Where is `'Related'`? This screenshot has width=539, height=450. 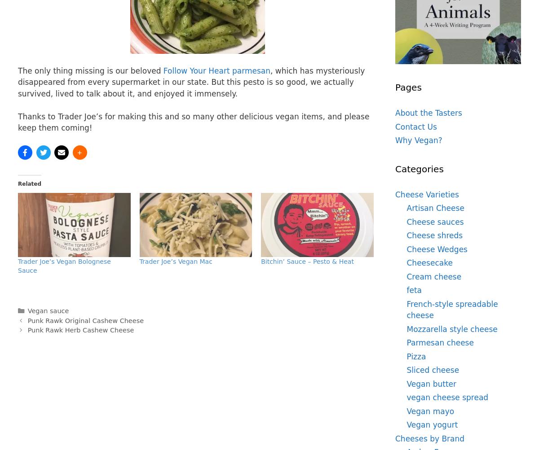
'Related' is located at coordinates (30, 184).